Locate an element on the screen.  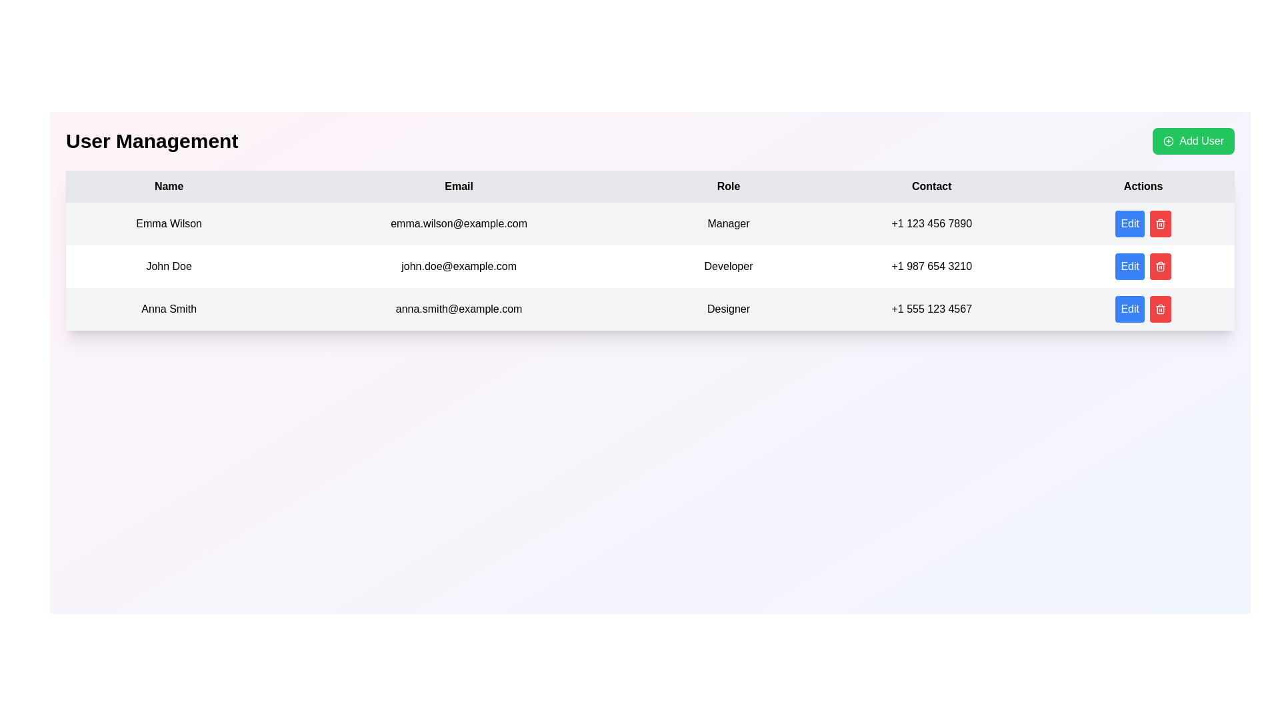
the 'Add User' button located in the top-right corner of the user interface, which contains the icon representing the add or create action is located at coordinates (1168, 141).